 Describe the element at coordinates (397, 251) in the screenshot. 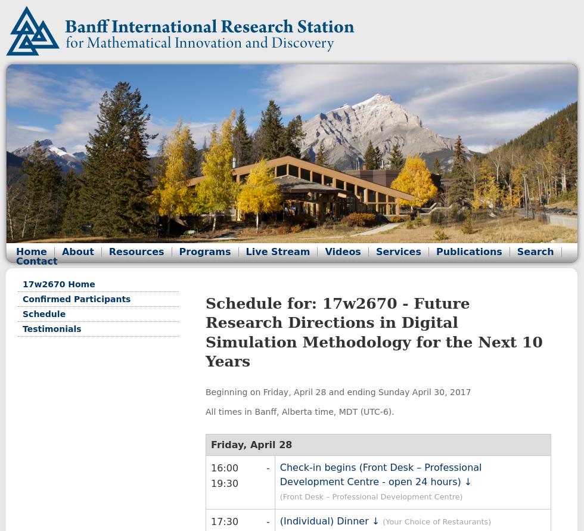

I see `'Services'` at that location.